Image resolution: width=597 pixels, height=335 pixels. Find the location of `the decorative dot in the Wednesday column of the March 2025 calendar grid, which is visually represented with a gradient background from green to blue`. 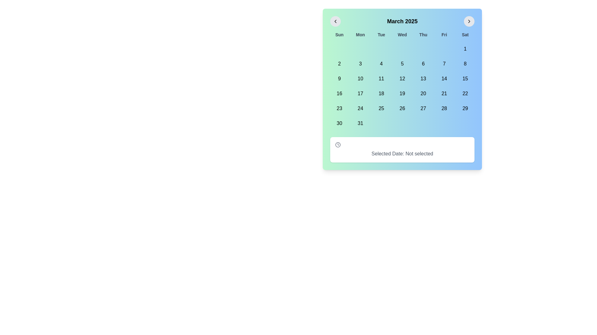

the decorative dot in the Wednesday column of the March 2025 calendar grid, which is visually represented with a gradient background from green to blue is located at coordinates (402, 49).